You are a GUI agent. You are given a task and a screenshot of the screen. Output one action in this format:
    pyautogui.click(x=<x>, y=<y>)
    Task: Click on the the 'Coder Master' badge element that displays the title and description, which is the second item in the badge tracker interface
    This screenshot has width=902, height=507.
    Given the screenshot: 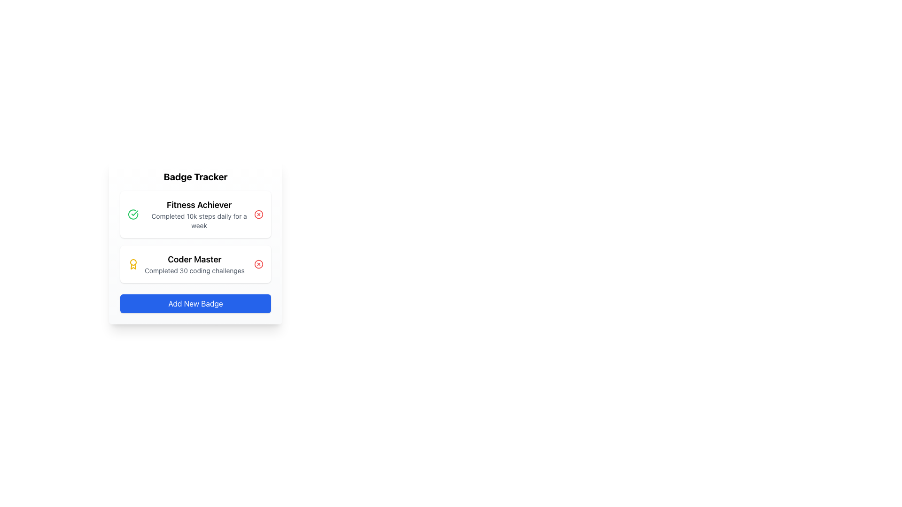 What is the action you would take?
    pyautogui.click(x=186, y=264)
    